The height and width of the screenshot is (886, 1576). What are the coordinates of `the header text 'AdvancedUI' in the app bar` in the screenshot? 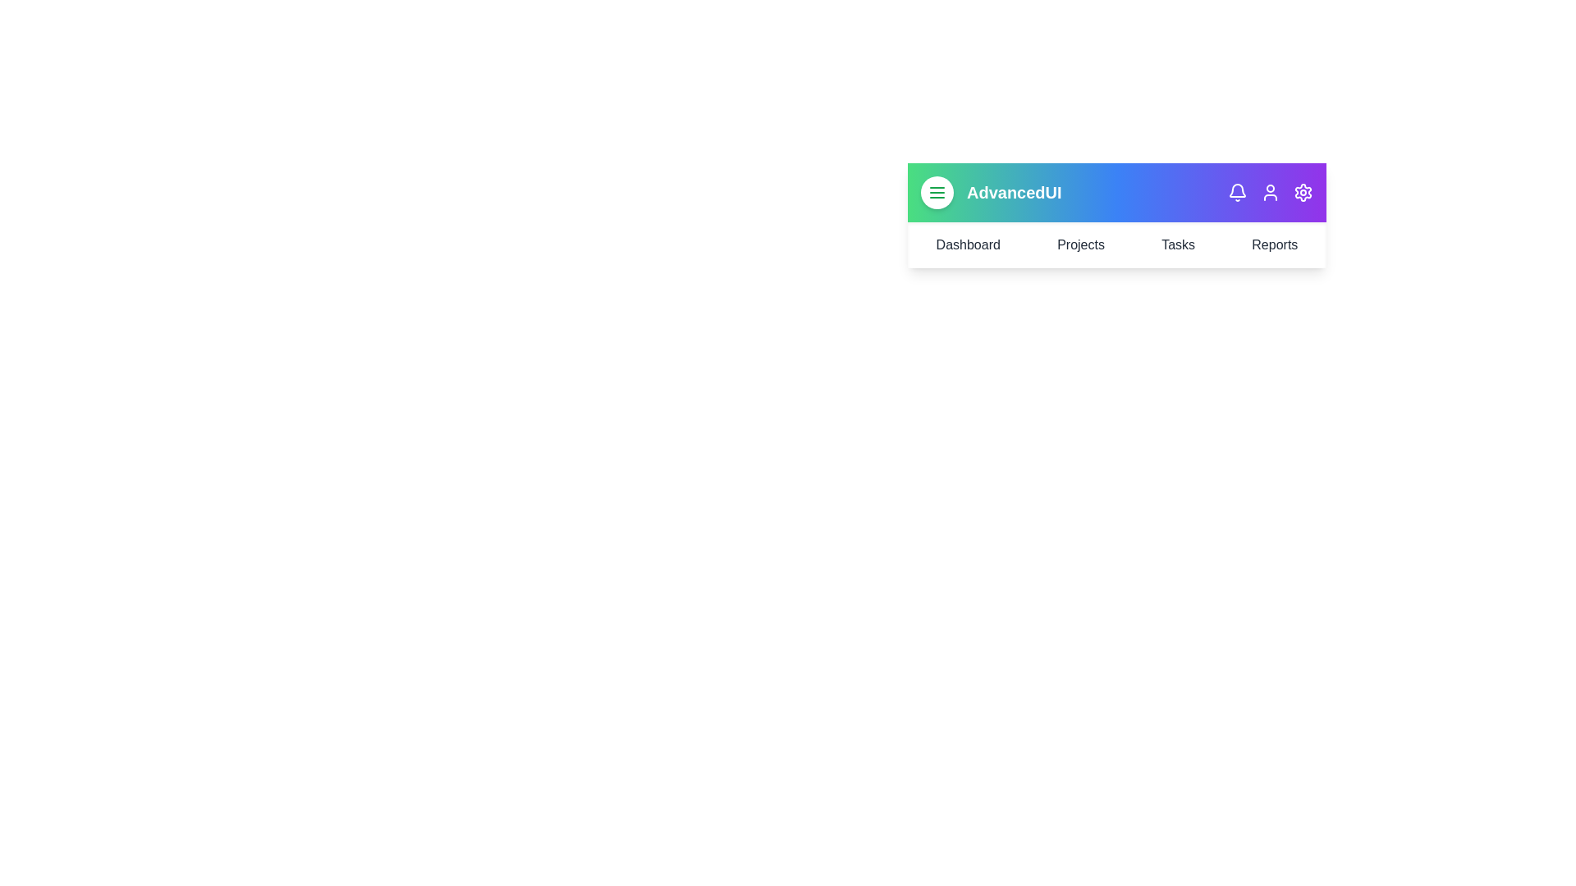 It's located at (1013, 192).